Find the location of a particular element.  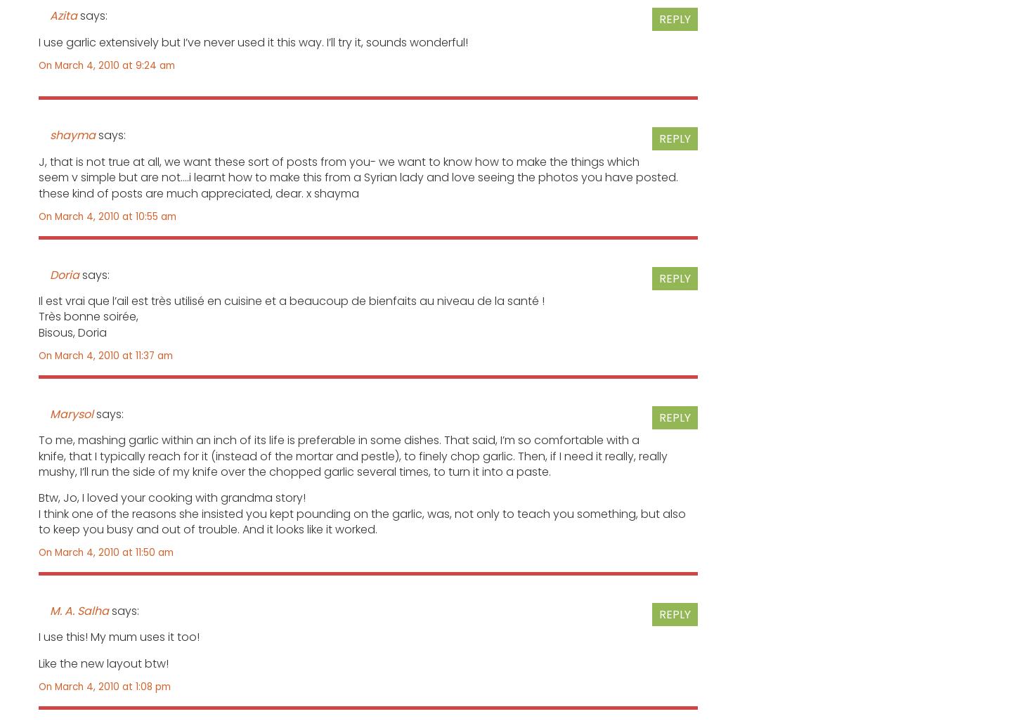

'Marysol' is located at coordinates (50, 413).